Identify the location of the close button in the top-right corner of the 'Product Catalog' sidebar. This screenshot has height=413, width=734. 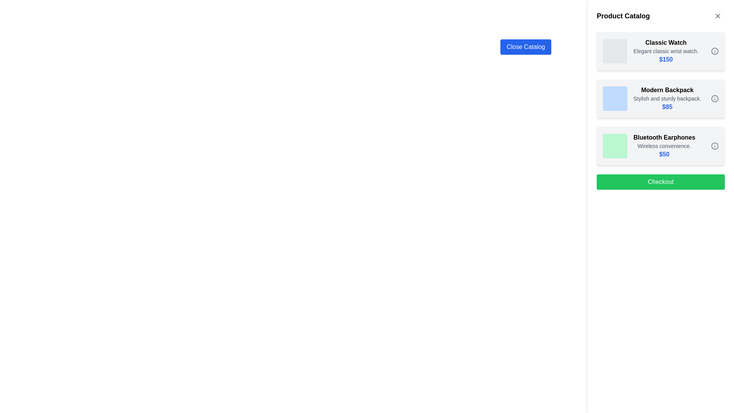
(717, 16).